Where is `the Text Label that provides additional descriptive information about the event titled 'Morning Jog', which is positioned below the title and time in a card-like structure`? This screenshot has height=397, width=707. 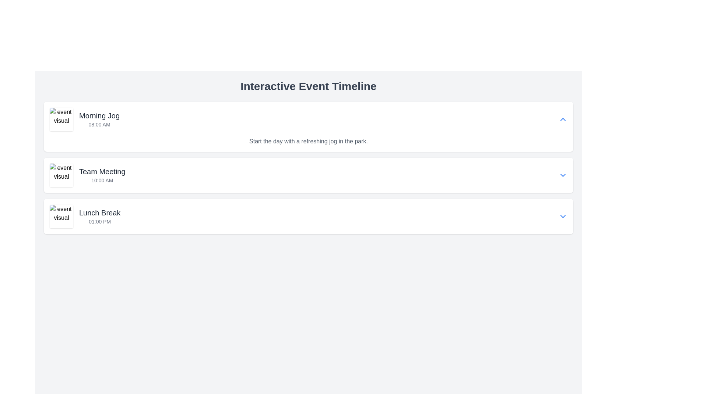
the Text Label that provides additional descriptive information about the event titled 'Morning Jog', which is positioned below the title and time in a card-like structure is located at coordinates (309, 142).